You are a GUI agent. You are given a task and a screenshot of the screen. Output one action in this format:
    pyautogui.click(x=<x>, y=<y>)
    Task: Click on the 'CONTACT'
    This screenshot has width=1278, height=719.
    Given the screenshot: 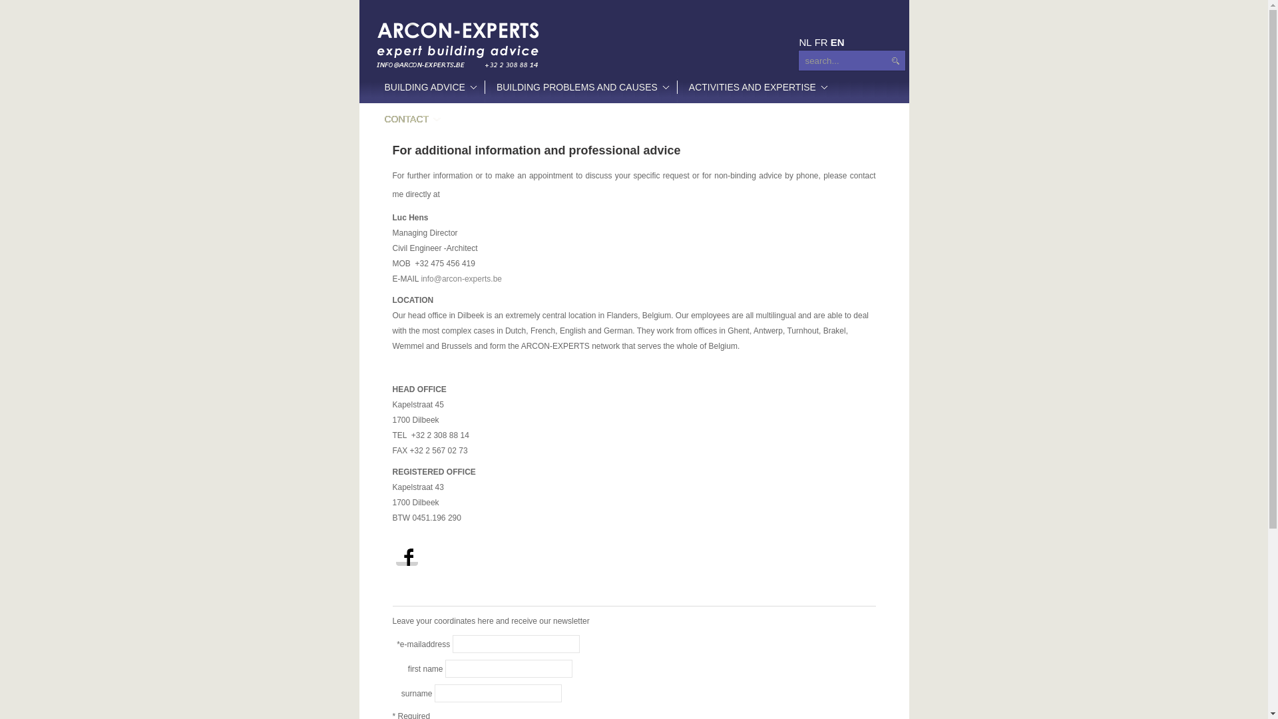 What is the action you would take?
    pyautogui.click(x=410, y=118)
    